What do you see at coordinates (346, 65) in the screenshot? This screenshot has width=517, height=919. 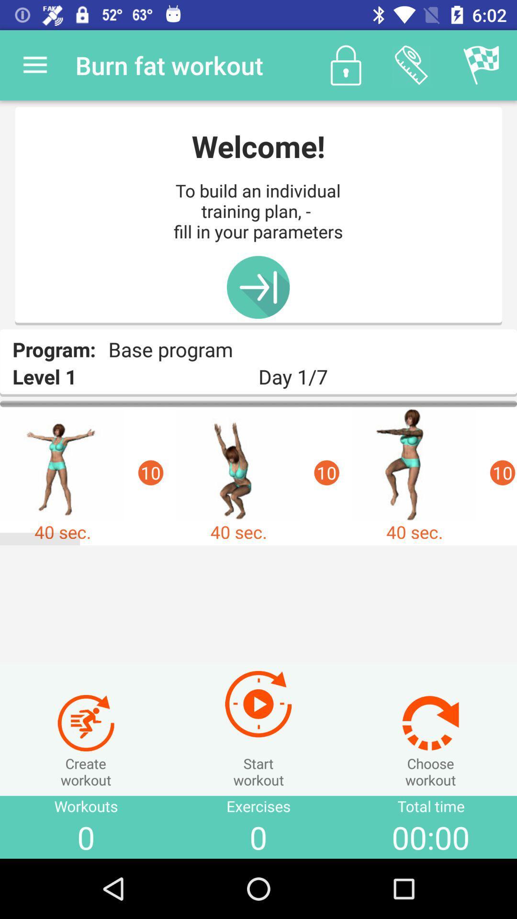 I see `the icon above welcome! item` at bounding box center [346, 65].